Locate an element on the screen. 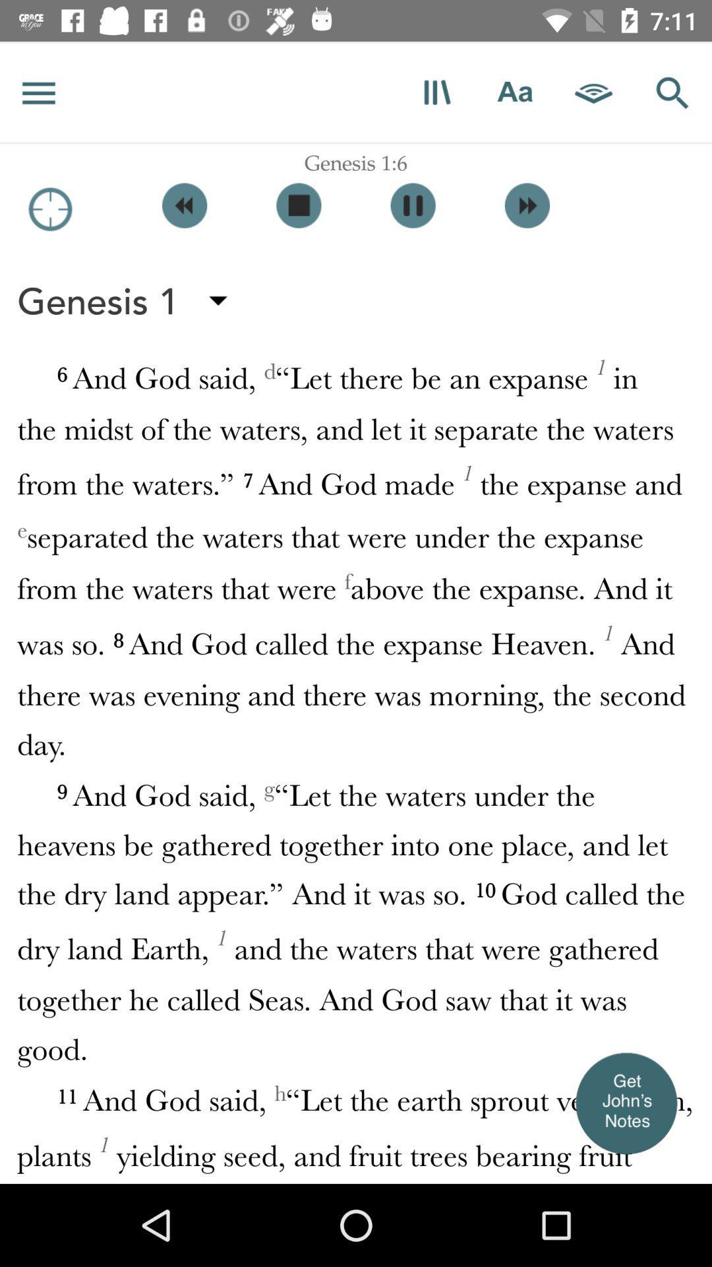 The width and height of the screenshot is (712, 1267). change font is located at coordinates (514, 92).